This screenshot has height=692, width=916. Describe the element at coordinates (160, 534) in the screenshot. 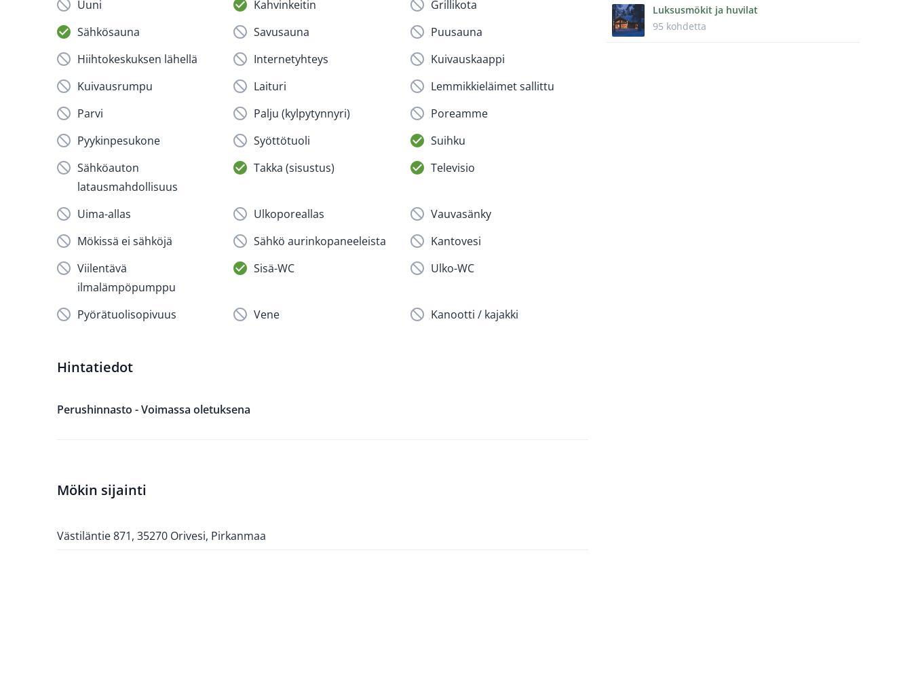

I see `'Västiläntie 871, 35270 Orivesi, Pirkanmaa'` at that location.